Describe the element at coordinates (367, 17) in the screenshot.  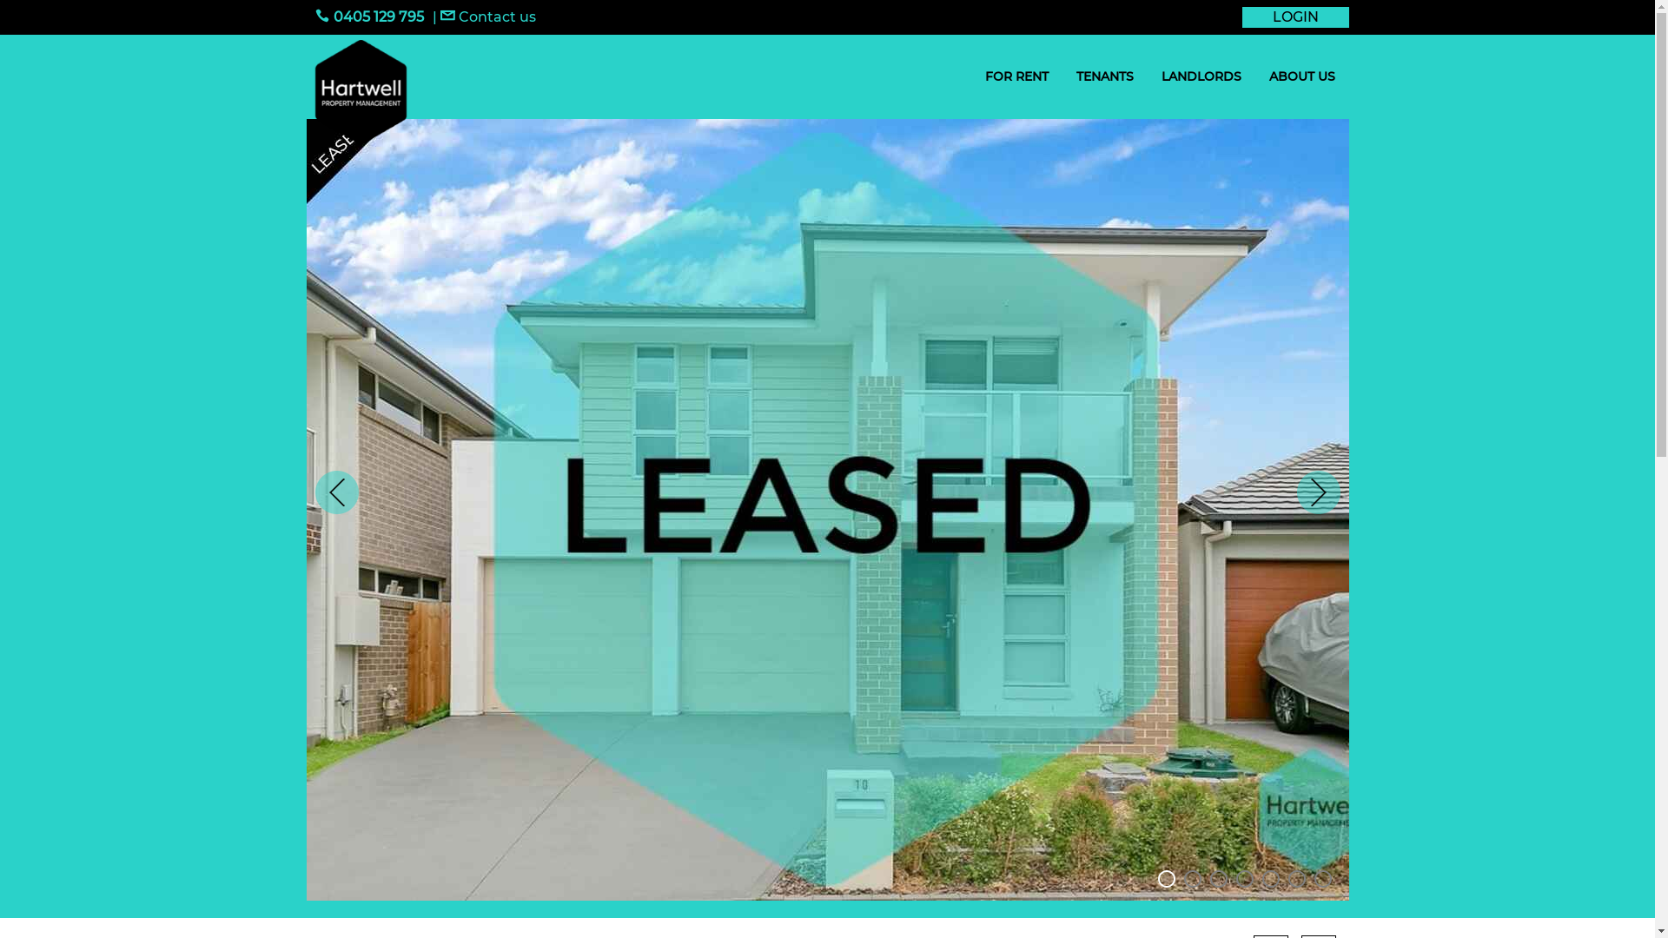
I see `'0405 129 795'` at that location.